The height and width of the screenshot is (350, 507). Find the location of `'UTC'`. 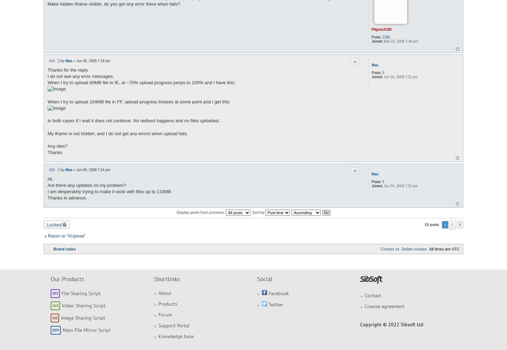

'UTC' is located at coordinates (451, 249).